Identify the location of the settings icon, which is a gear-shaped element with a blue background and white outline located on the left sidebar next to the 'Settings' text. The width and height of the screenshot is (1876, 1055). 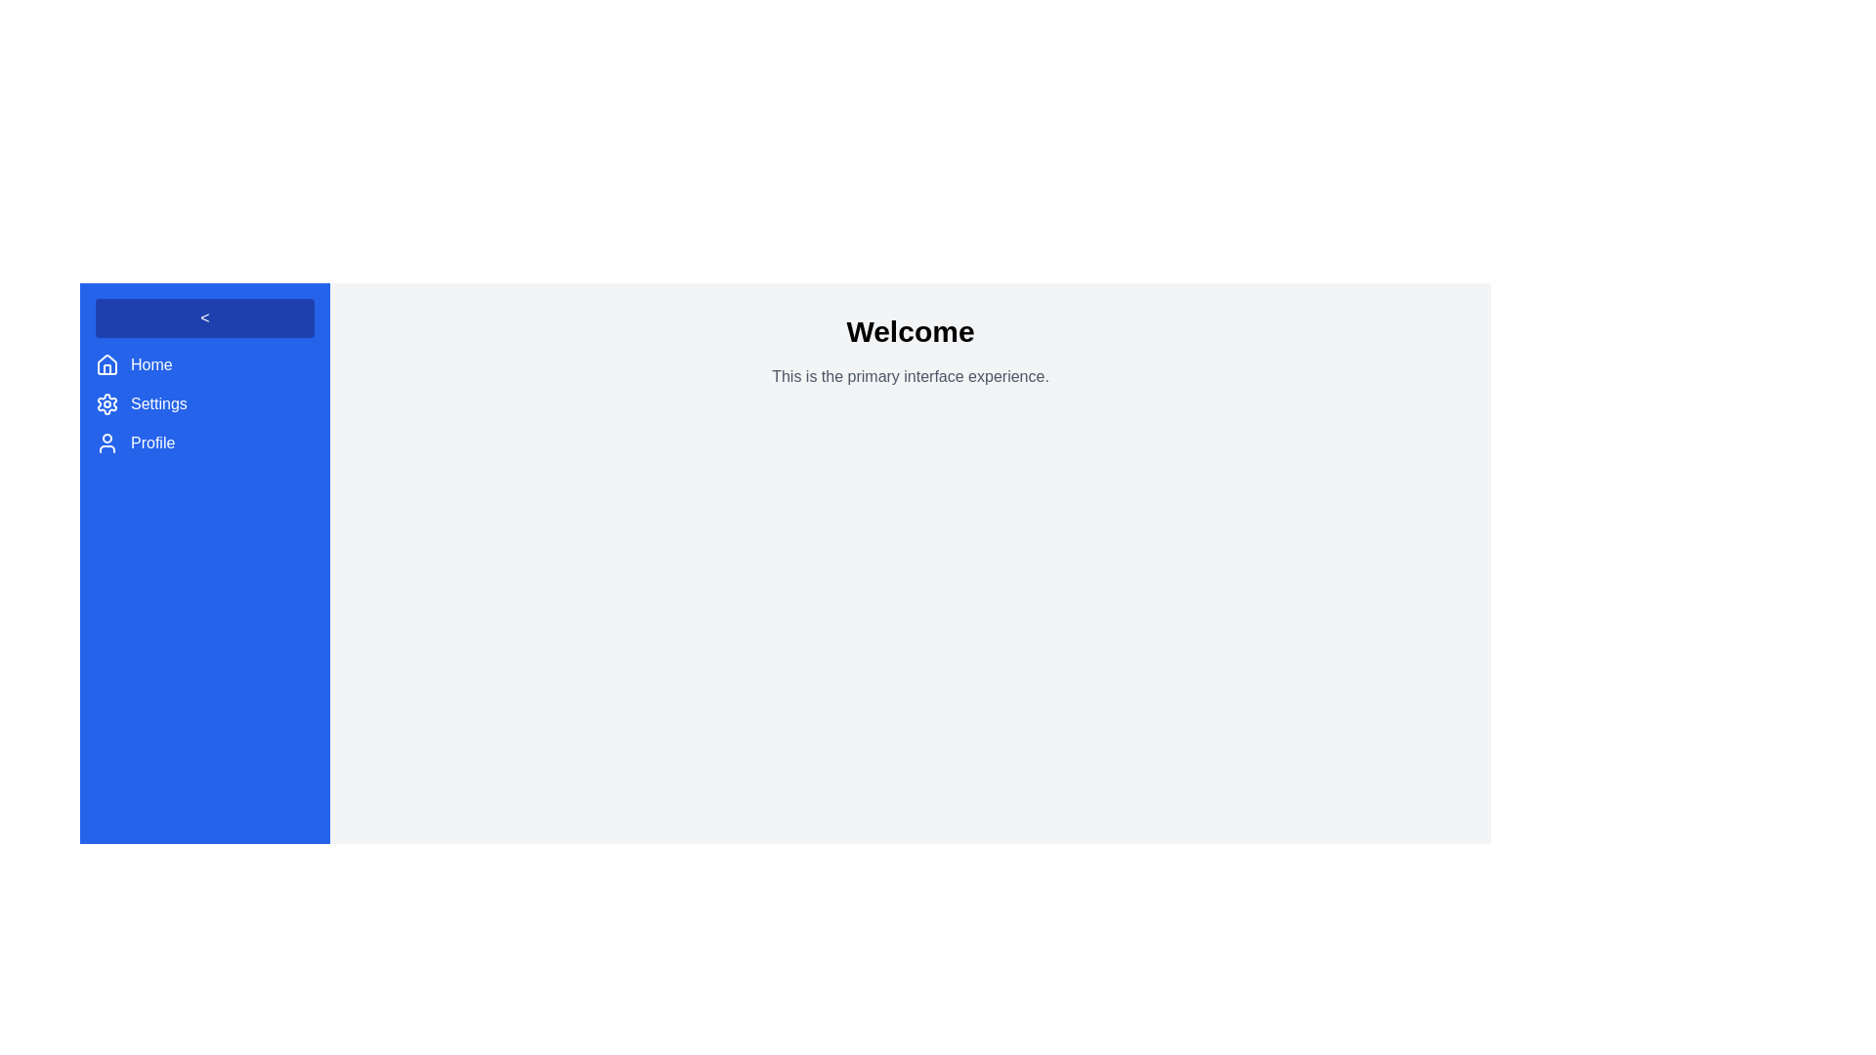
(107, 402).